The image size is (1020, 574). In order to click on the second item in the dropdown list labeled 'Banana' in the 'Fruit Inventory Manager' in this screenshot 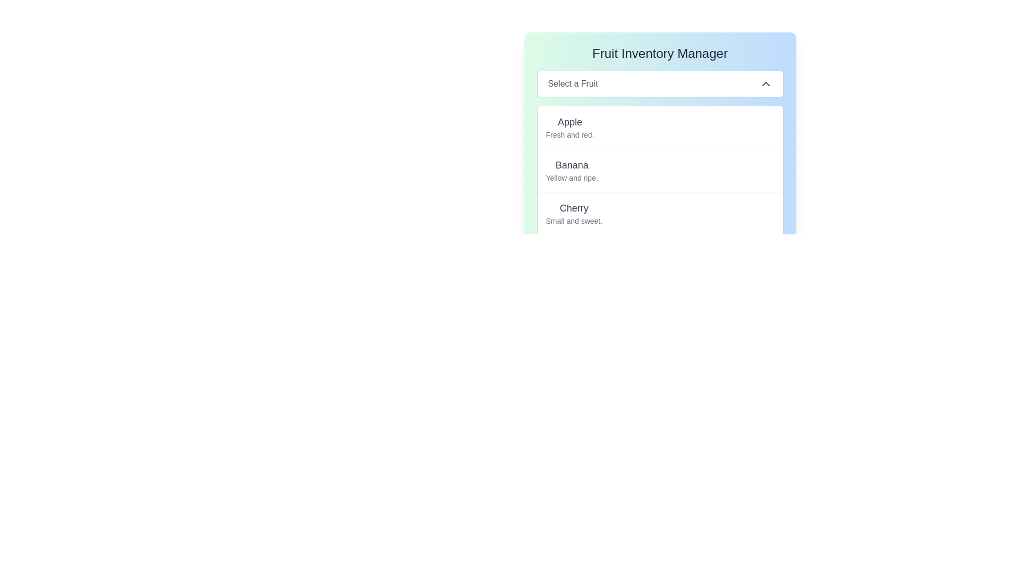, I will do `click(659, 170)`.